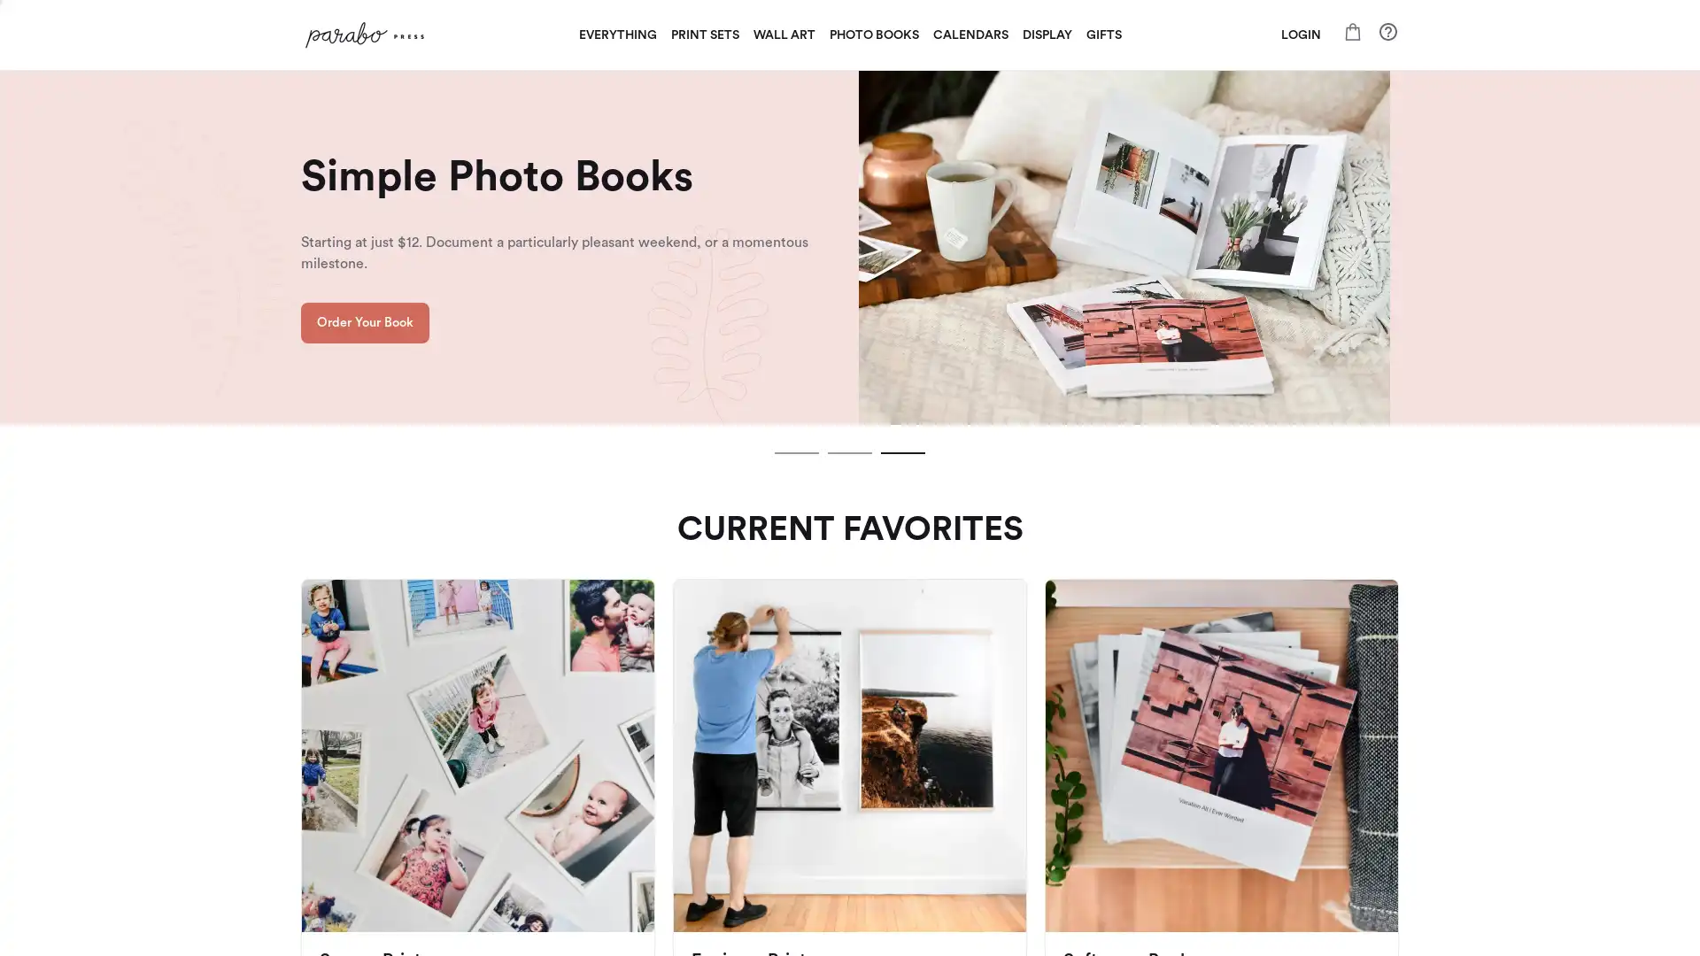  I want to click on slide dot, so click(850, 452).